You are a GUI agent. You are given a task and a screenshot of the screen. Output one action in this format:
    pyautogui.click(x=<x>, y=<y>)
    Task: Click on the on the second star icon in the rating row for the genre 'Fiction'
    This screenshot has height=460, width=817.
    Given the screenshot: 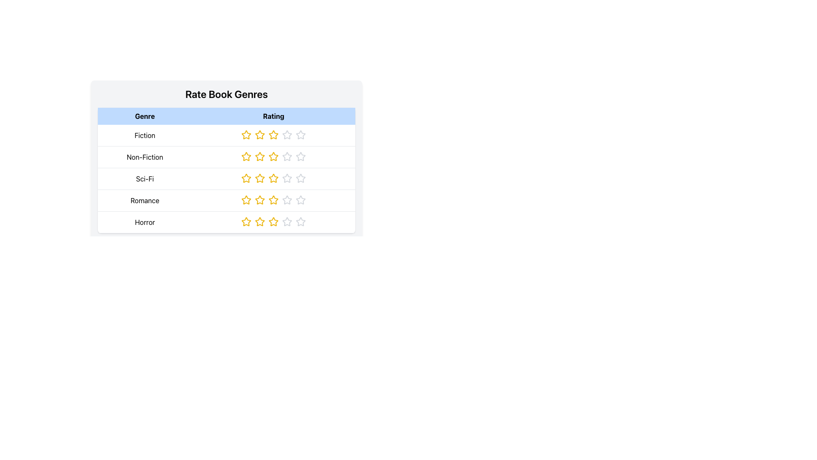 What is the action you would take?
    pyautogui.click(x=246, y=134)
    